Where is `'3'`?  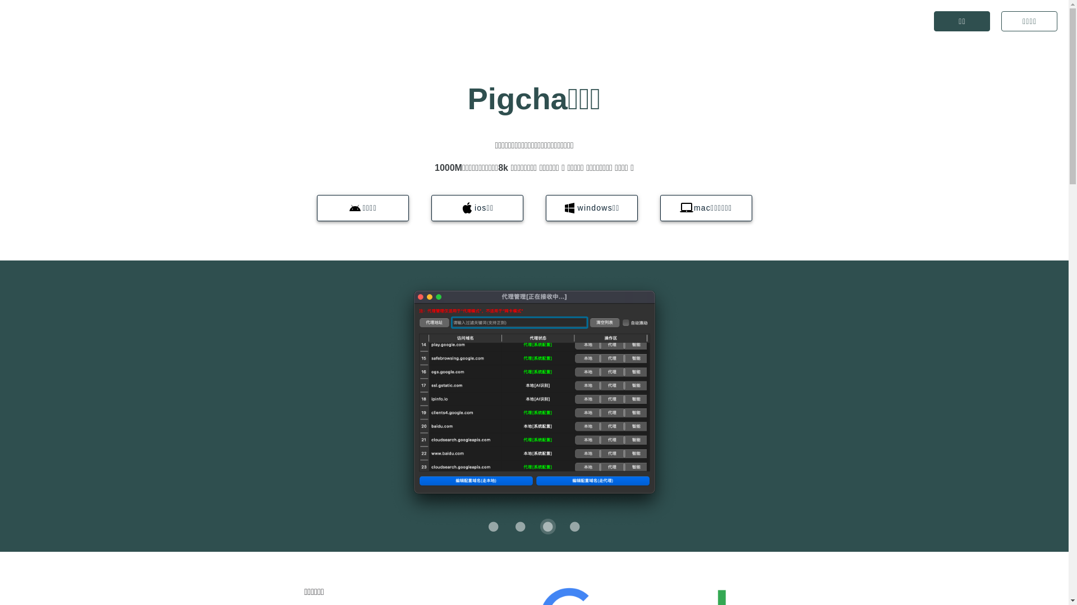
'3' is located at coordinates (575, 527).